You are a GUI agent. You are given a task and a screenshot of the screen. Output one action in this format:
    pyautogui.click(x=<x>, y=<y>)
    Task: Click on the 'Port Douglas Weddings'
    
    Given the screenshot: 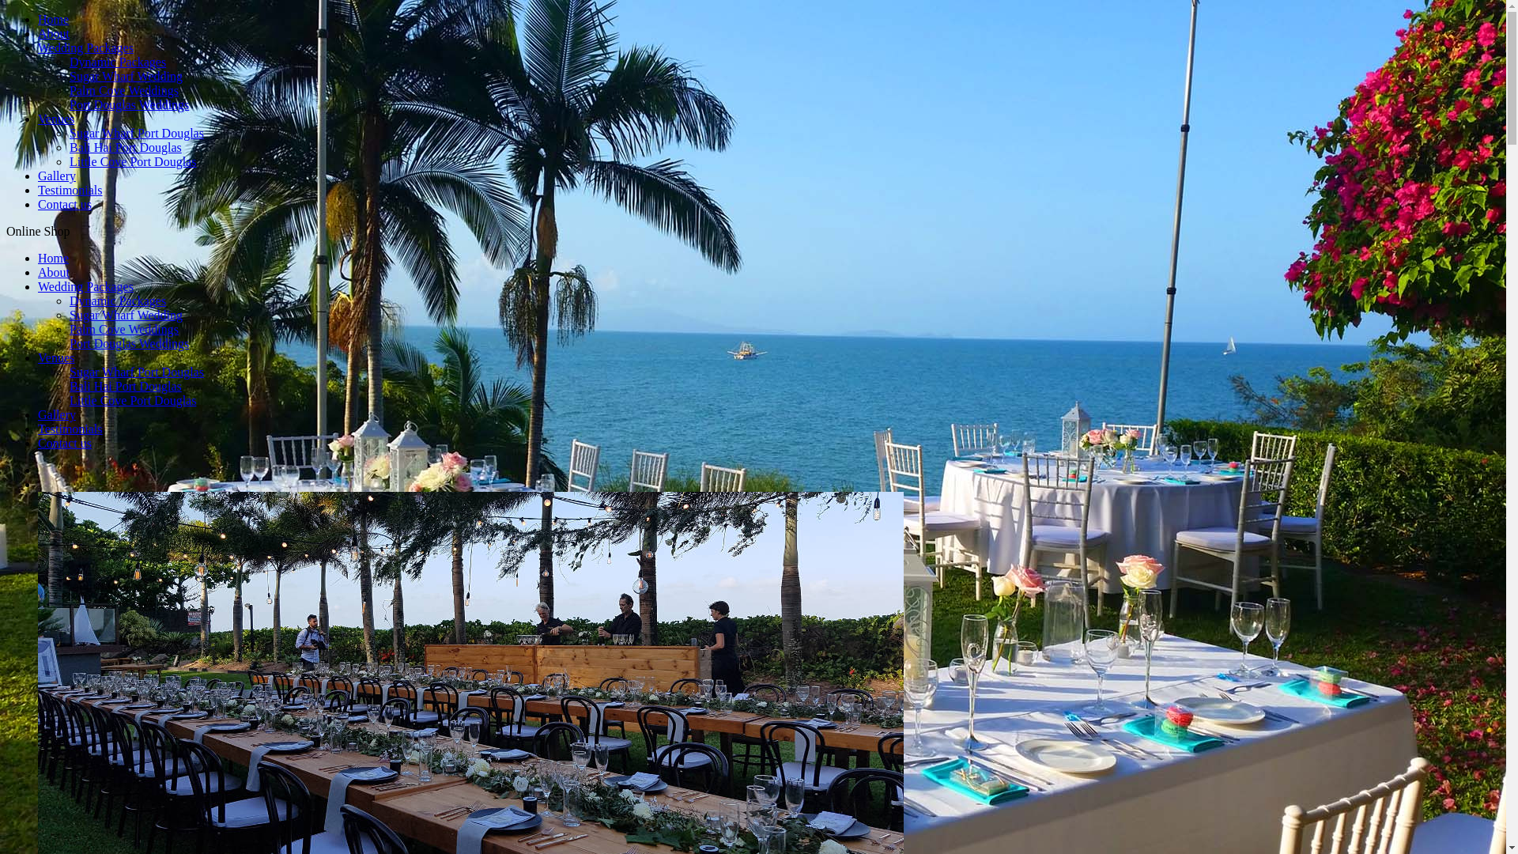 What is the action you would take?
    pyautogui.click(x=129, y=342)
    